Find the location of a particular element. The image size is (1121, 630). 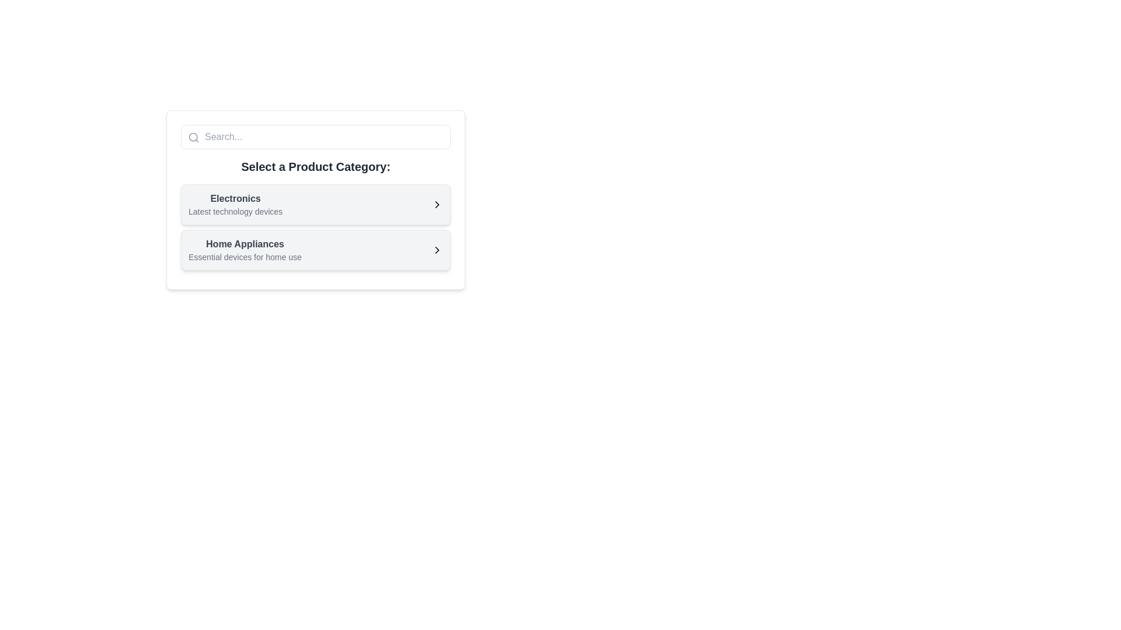

the chevron-shaped rightward arrow icon located at the right edge of the 'Home Appliances' list item is located at coordinates (436, 249).